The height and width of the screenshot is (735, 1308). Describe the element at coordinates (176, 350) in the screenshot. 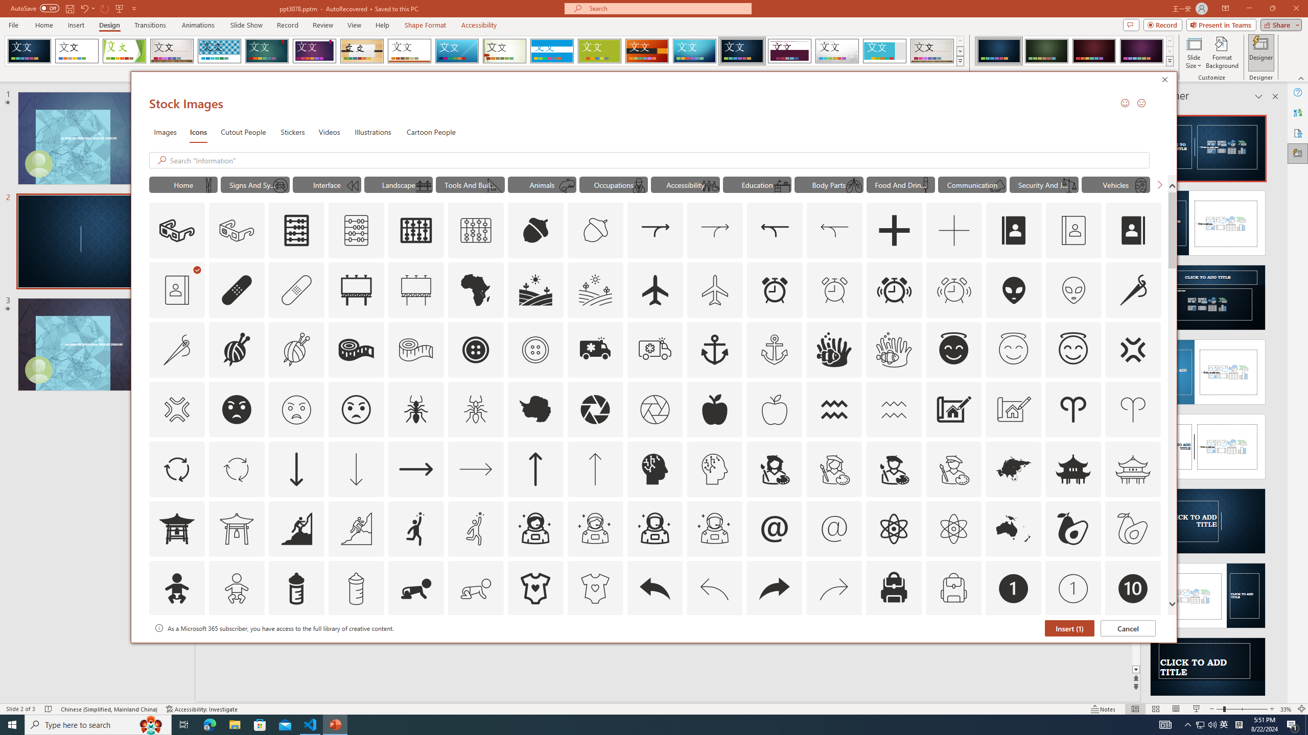

I see `'AutomationID: Icons_AlterationsTailoring_M'` at that location.